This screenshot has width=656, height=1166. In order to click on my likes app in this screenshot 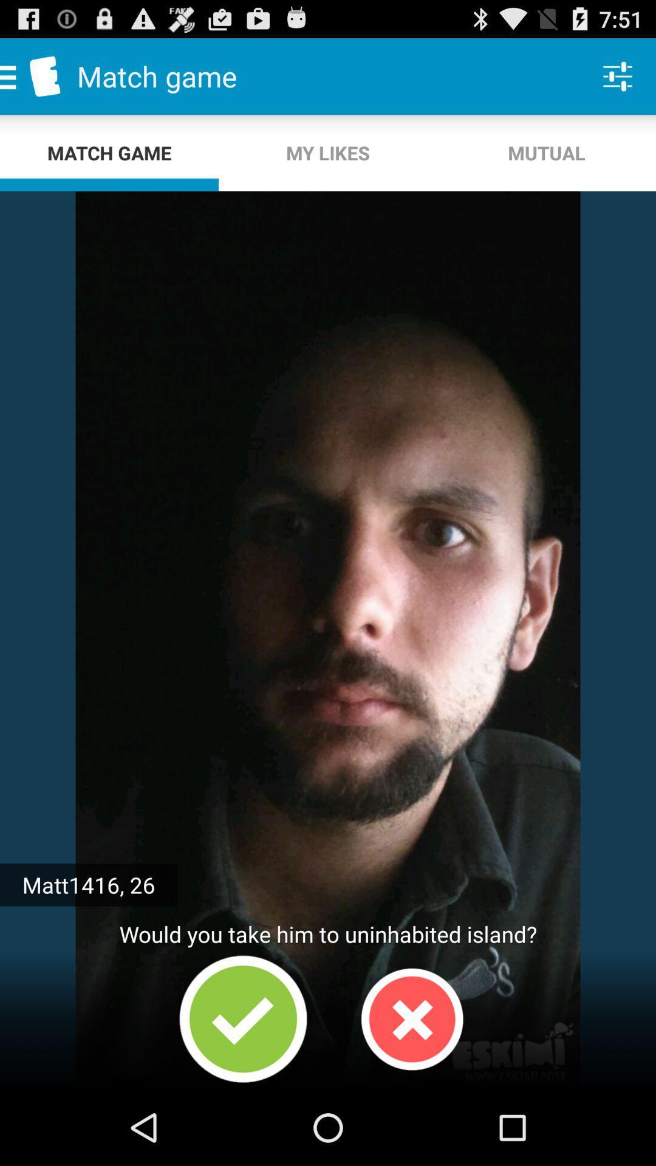, I will do `click(328, 152)`.